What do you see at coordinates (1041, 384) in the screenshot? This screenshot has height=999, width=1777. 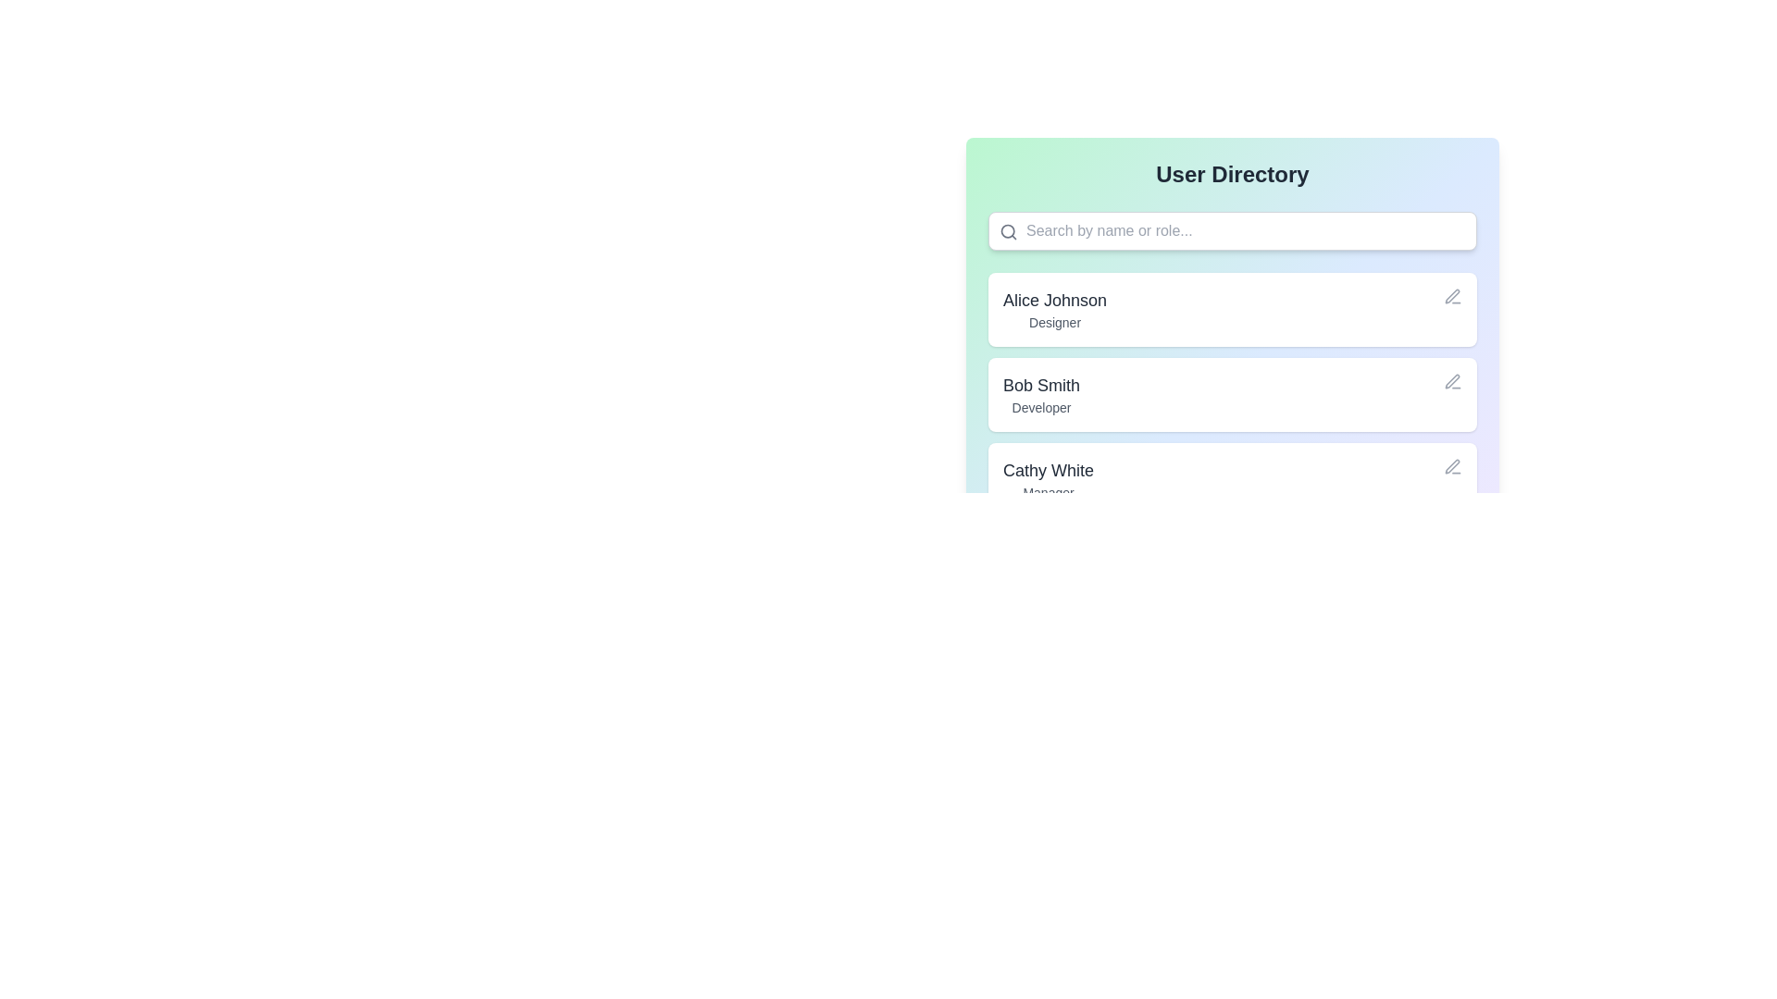 I see `the text label displaying 'Bob Smith', which serves as an identifier for the user entry in the User Directory` at bounding box center [1041, 384].